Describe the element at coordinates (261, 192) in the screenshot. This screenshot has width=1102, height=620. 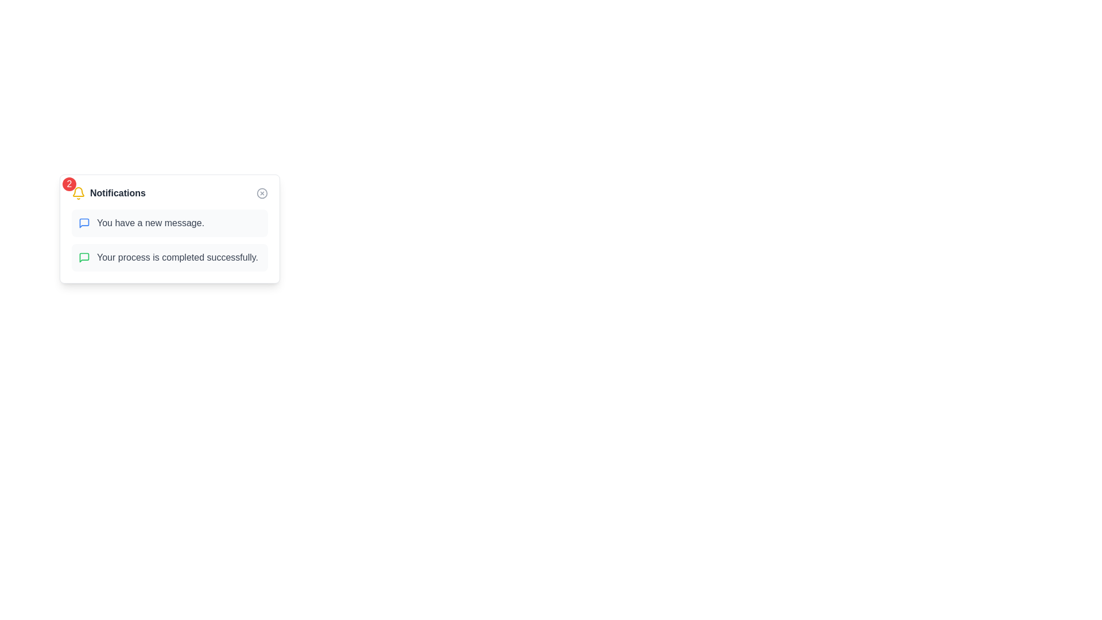
I see `the dismiss button located in the top-right corner of the notification panel next to the title 'Notifications'` at that location.